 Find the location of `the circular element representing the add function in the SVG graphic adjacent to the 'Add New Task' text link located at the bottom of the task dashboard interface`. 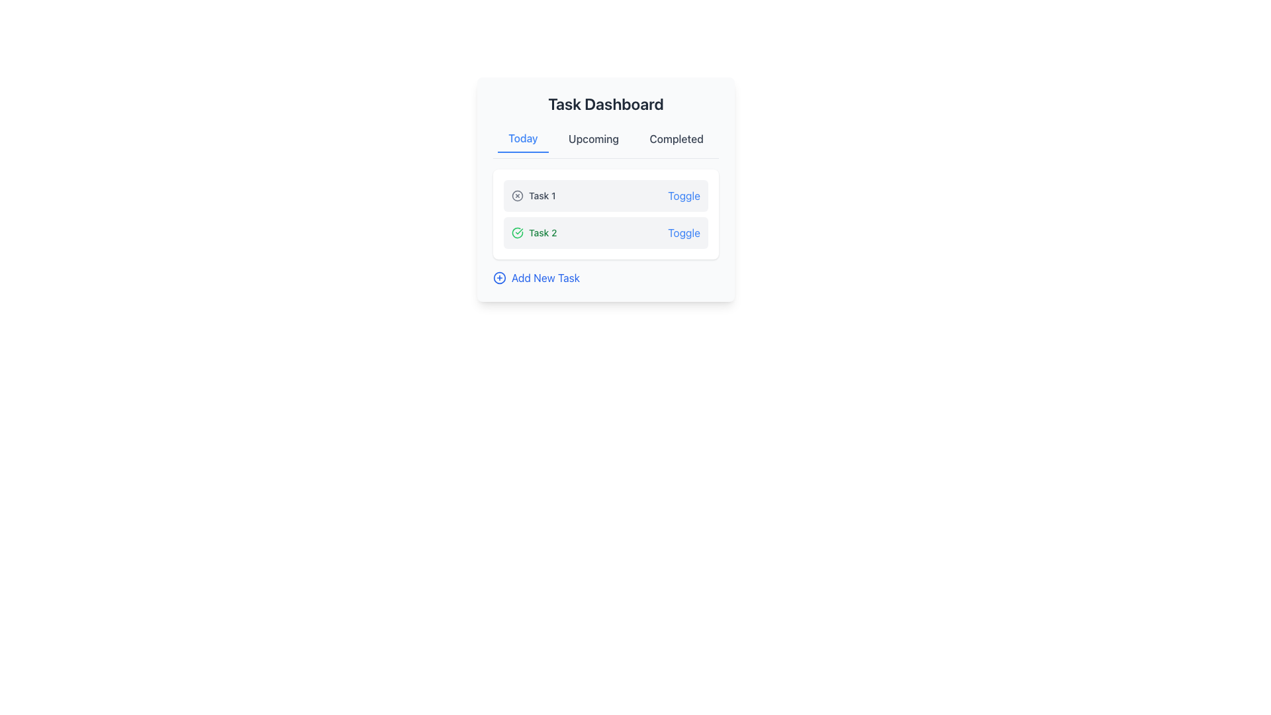

the circular element representing the add function in the SVG graphic adjacent to the 'Add New Task' text link located at the bottom of the task dashboard interface is located at coordinates (498, 277).